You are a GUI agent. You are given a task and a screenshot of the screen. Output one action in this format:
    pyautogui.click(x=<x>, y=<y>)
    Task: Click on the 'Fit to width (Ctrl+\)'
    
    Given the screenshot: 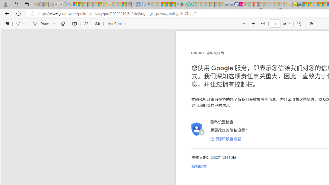 What is the action you would take?
    pyautogui.click(x=263, y=24)
    